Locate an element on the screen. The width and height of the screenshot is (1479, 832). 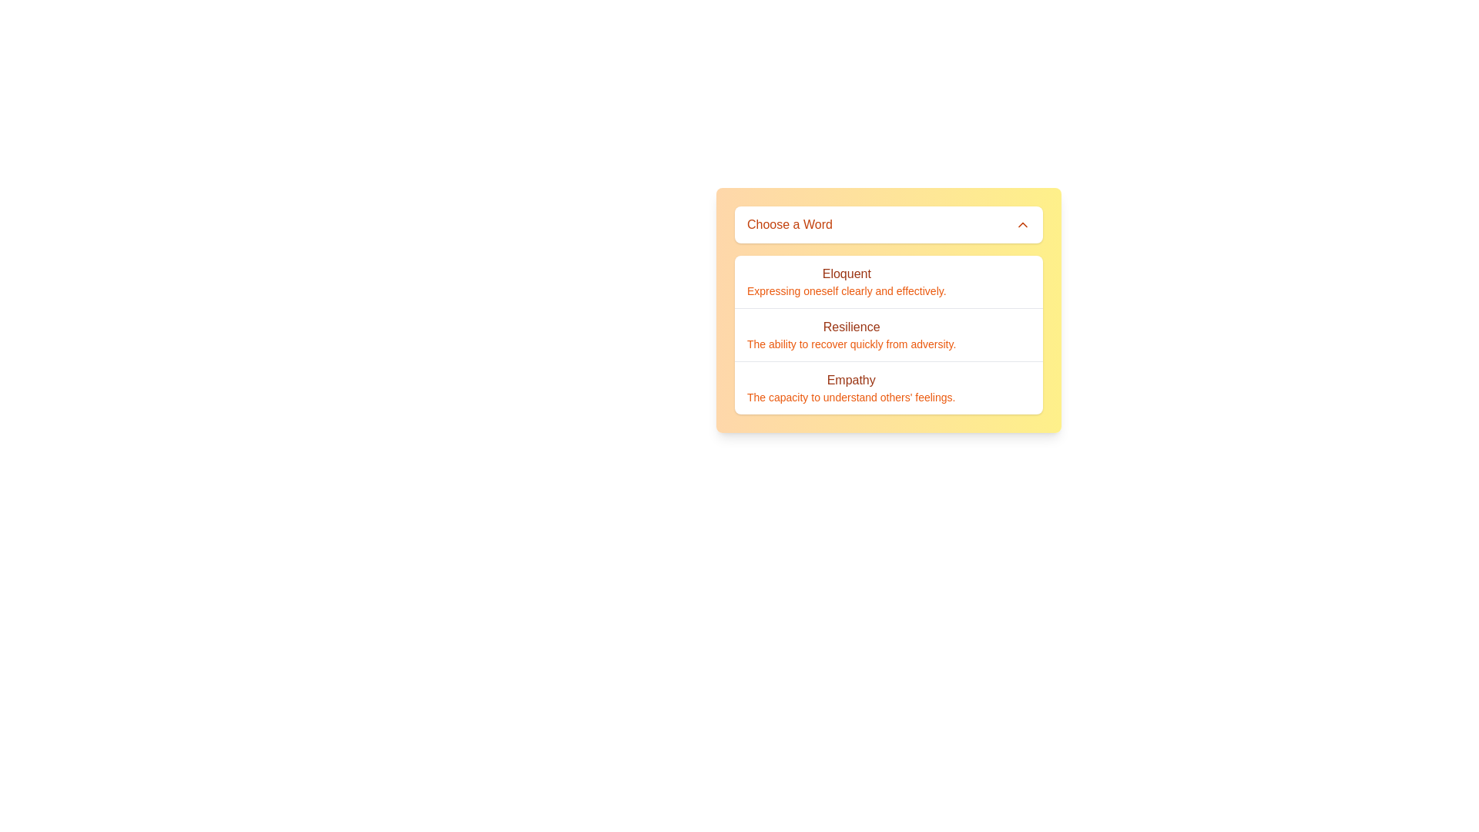
the third list item titled 'Empathy' which is displayed in bold orange font within a white card-like interface is located at coordinates (888, 386).